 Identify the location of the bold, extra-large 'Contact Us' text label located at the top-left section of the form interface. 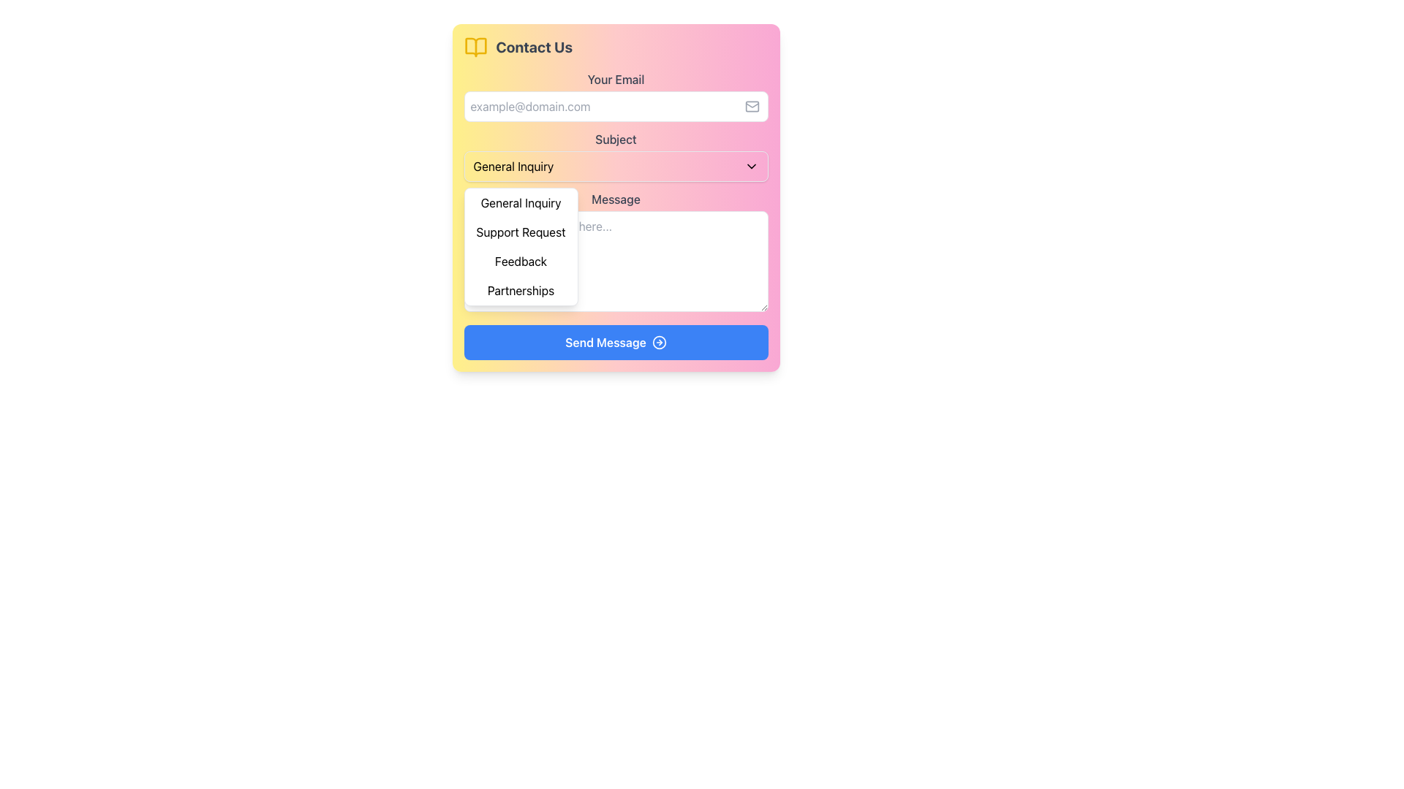
(533, 47).